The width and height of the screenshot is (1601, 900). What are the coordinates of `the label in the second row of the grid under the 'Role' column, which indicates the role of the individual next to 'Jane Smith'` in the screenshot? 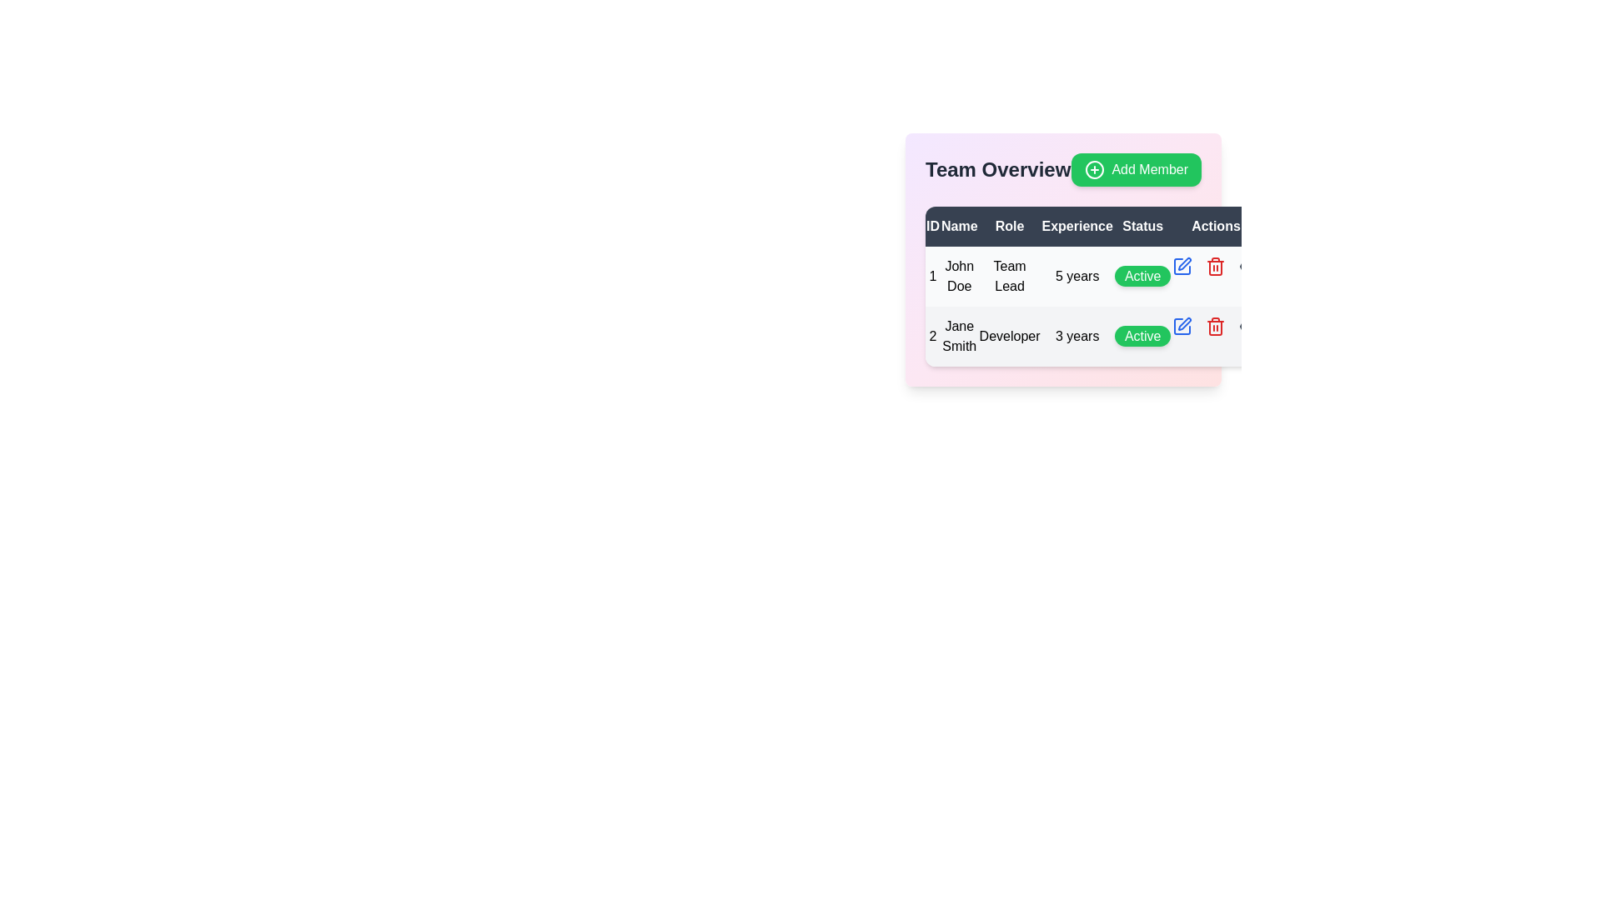 It's located at (1009, 337).